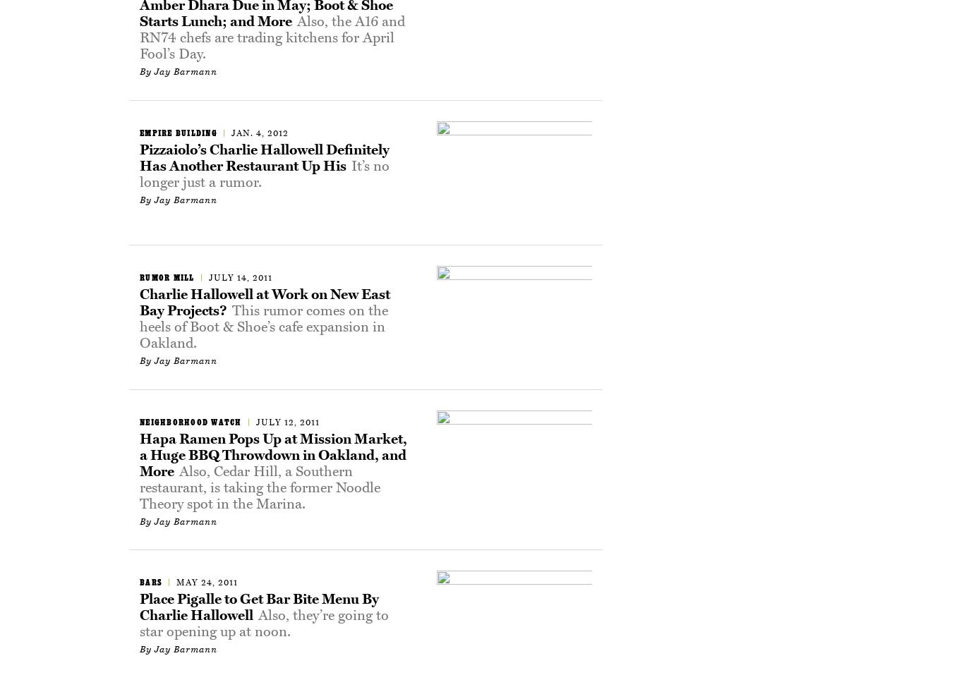 This screenshot has height=675, width=964. I want to click on 'Place Pigalle to Get Bar Bite Menu By Charlie Hallowell', so click(258, 606).